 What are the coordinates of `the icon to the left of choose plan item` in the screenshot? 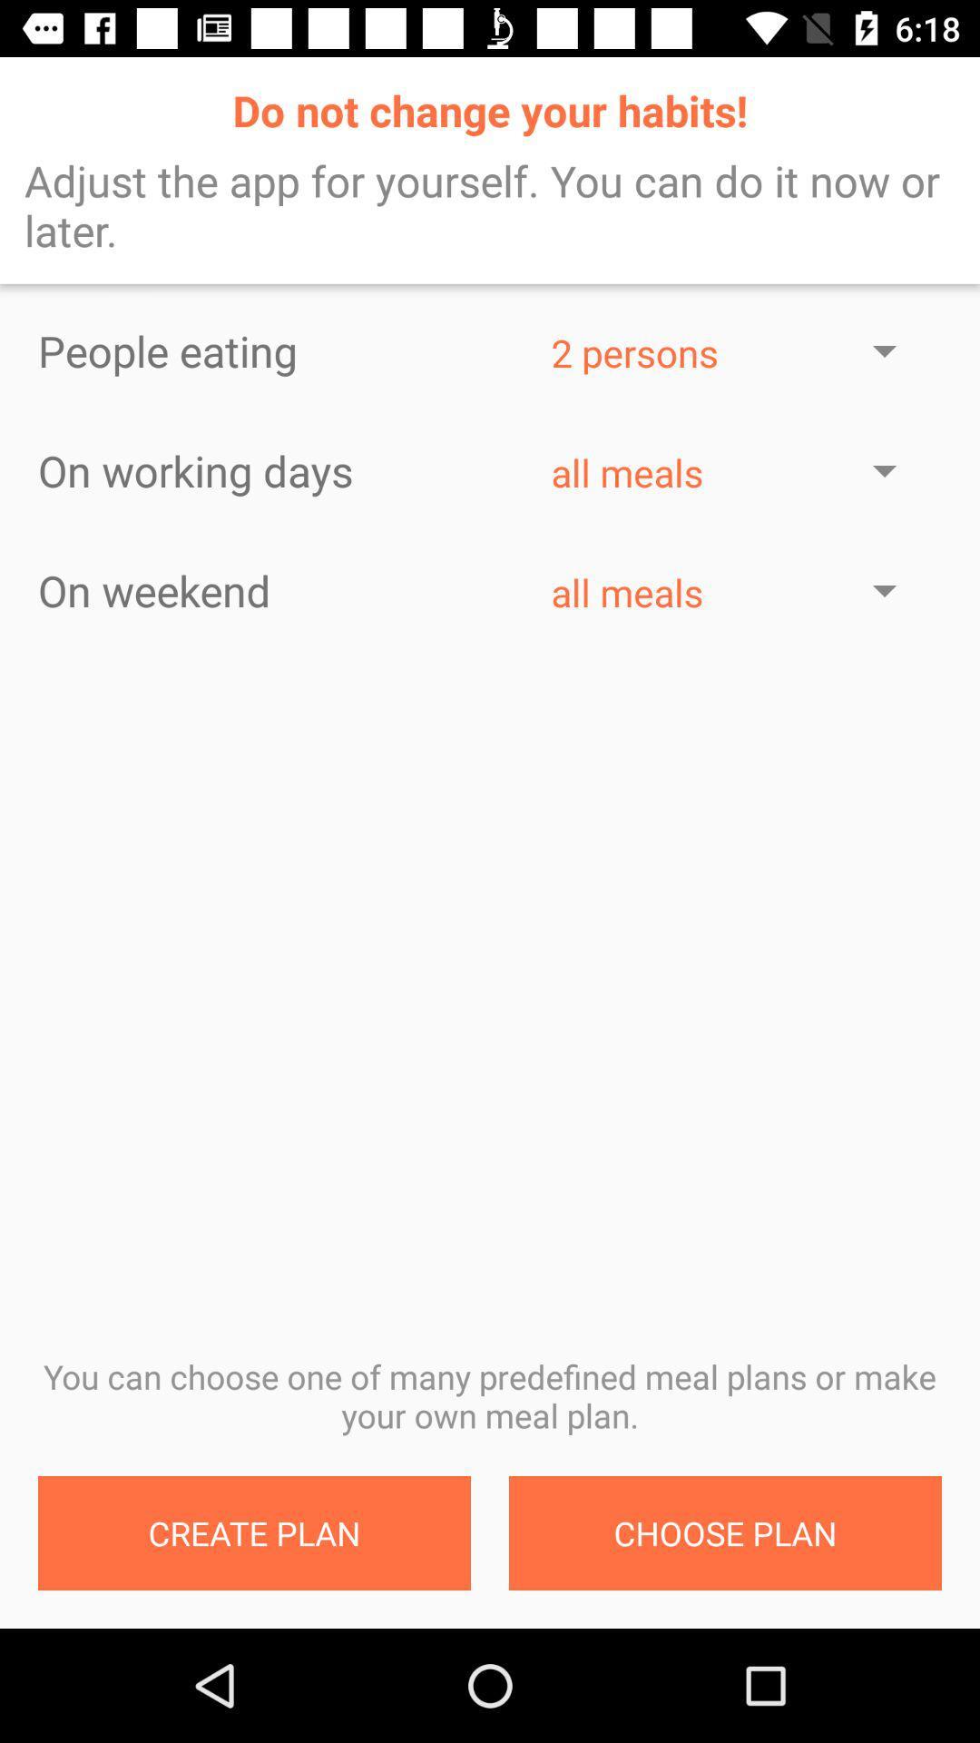 It's located at (254, 1532).